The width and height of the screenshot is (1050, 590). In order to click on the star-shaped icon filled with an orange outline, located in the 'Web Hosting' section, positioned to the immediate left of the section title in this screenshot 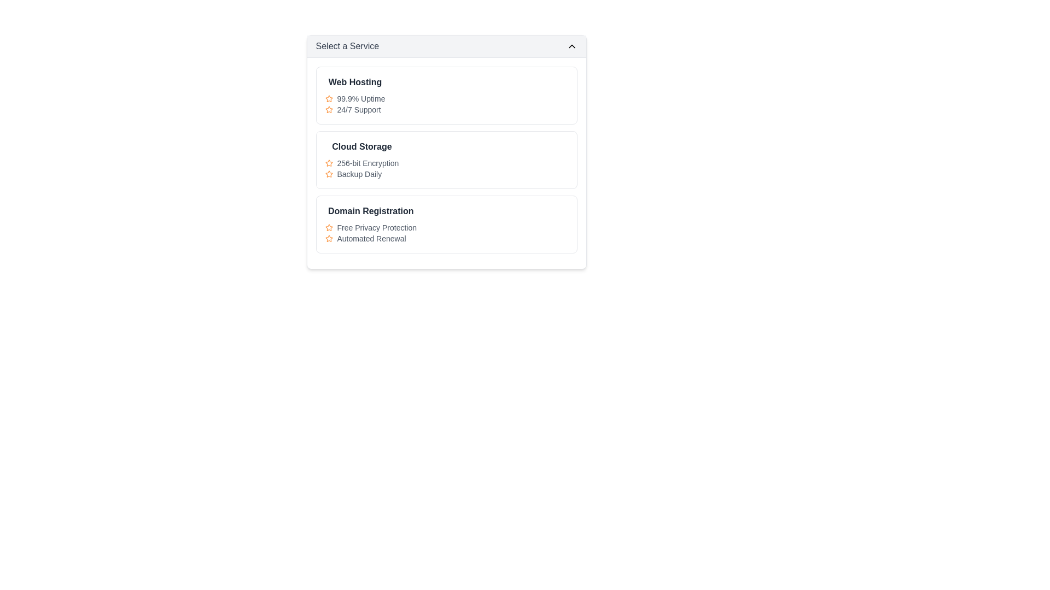, I will do `click(328, 238)`.